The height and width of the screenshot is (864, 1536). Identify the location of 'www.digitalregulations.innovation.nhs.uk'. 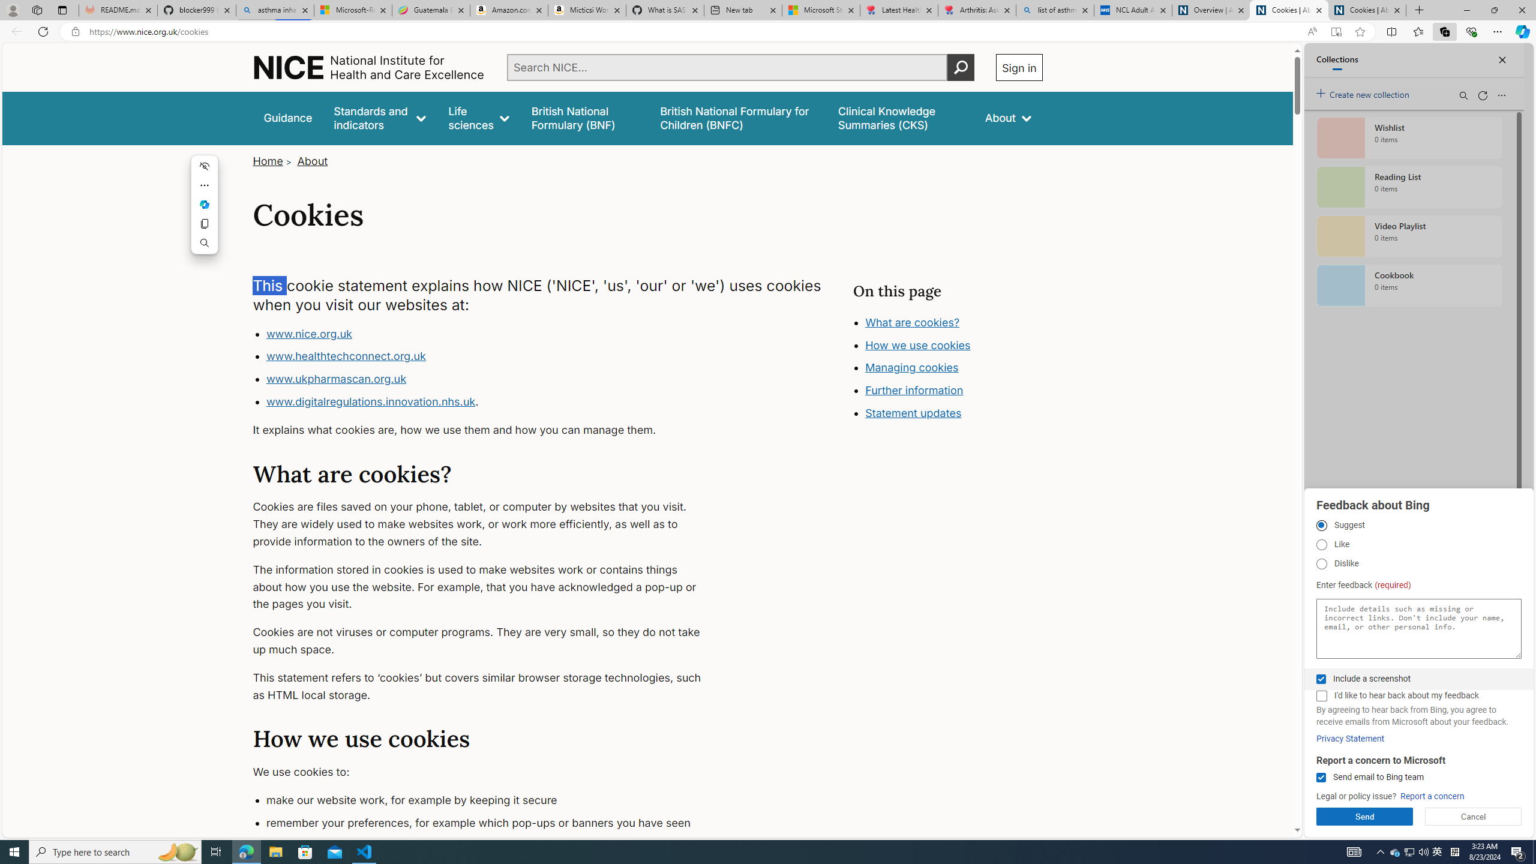
(370, 400).